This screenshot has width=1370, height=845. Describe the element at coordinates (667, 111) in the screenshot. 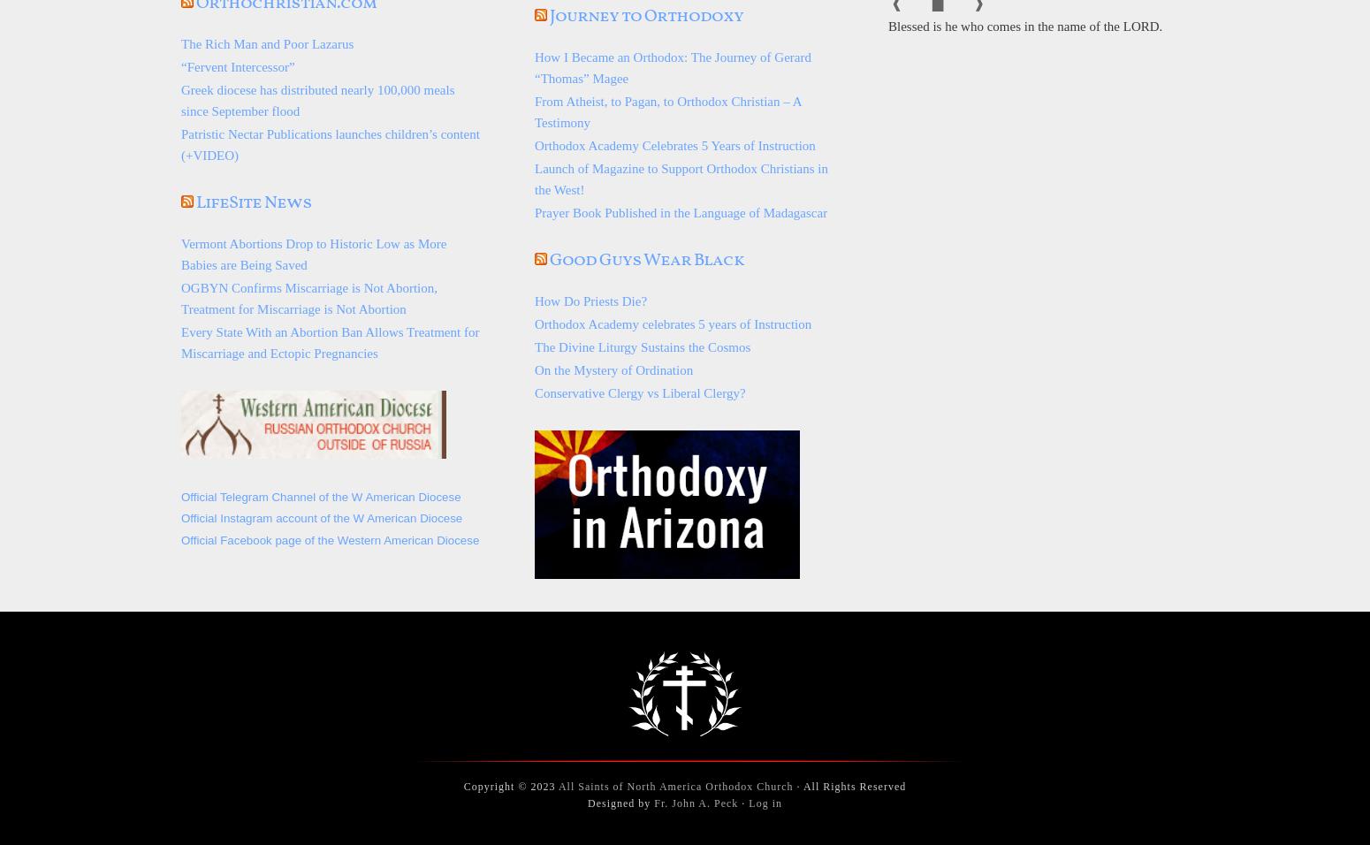

I see `'From Atheist, to Pagan, to Orthodox Christian – A Testimony'` at that location.